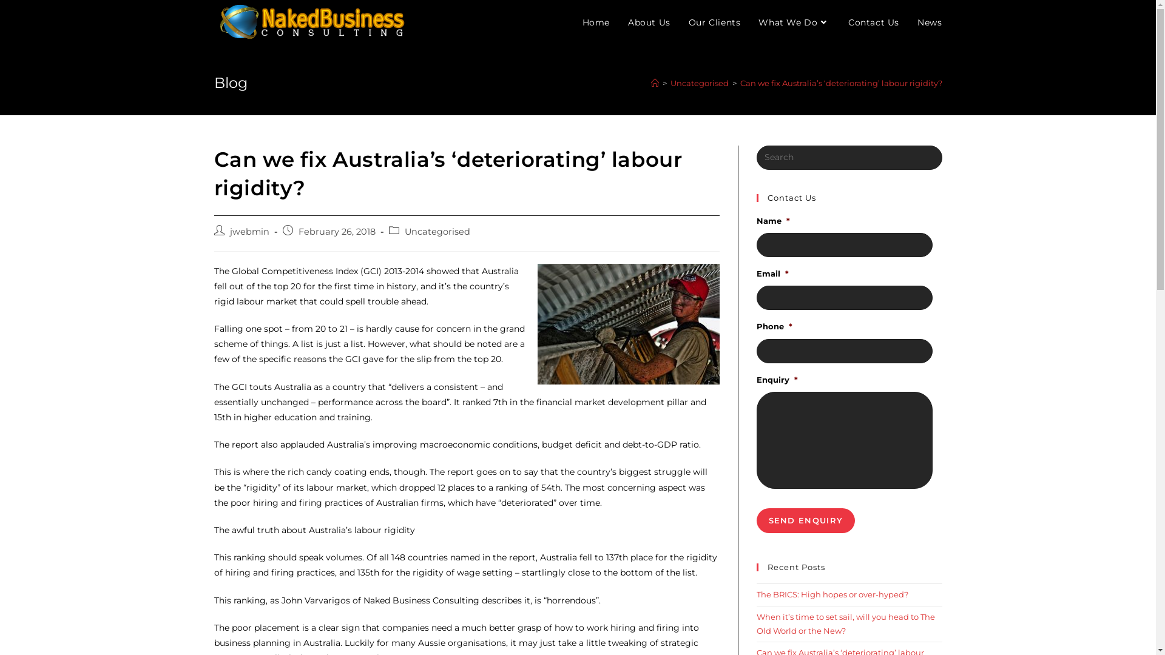 The image size is (1165, 655). What do you see at coordinates (437, 231) in the screenshot?
I see `'Uncategorised'` at bounding box center [437, 231].